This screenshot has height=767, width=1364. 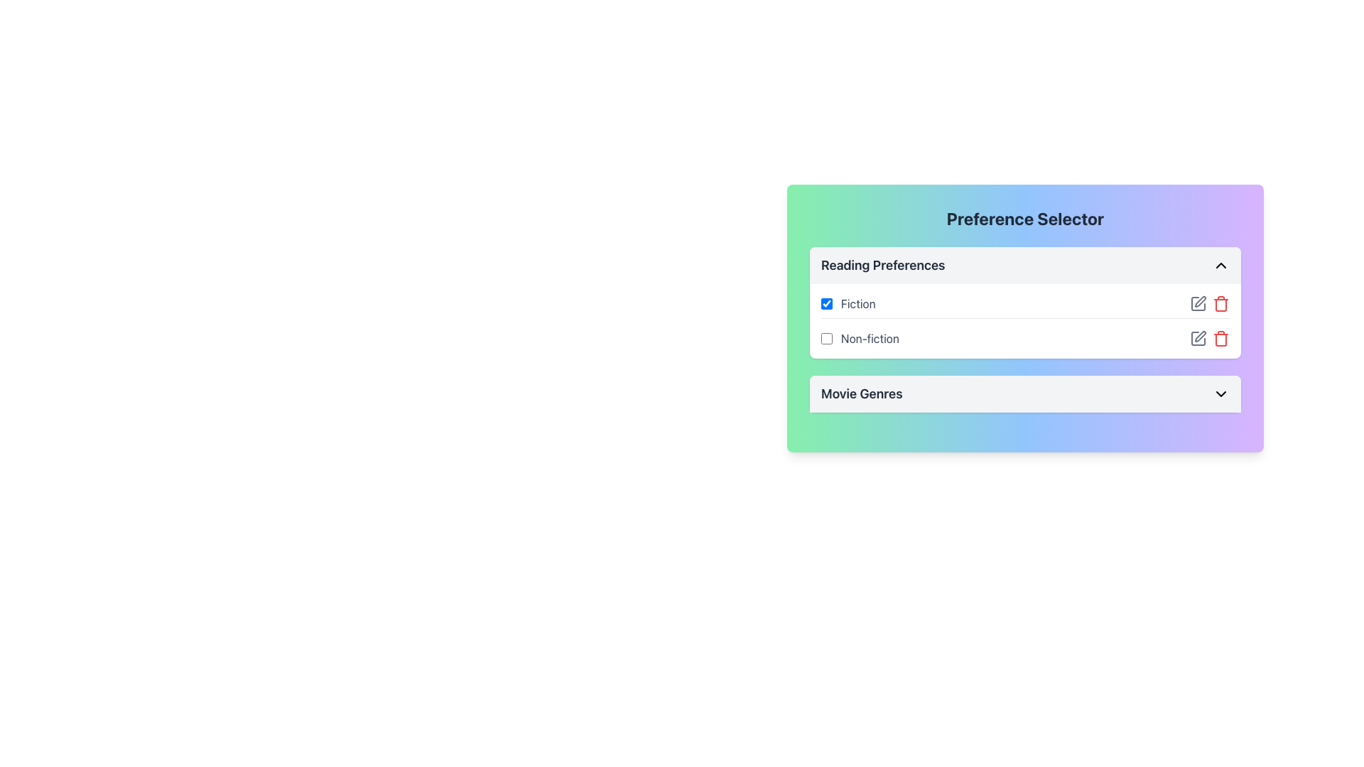 What do you see at coordinates (826, 339) in the screenshot?
I see `the 'Non-fiction' checkbox under the 'Reading Preferences' category` at bounding box center [826, 339].